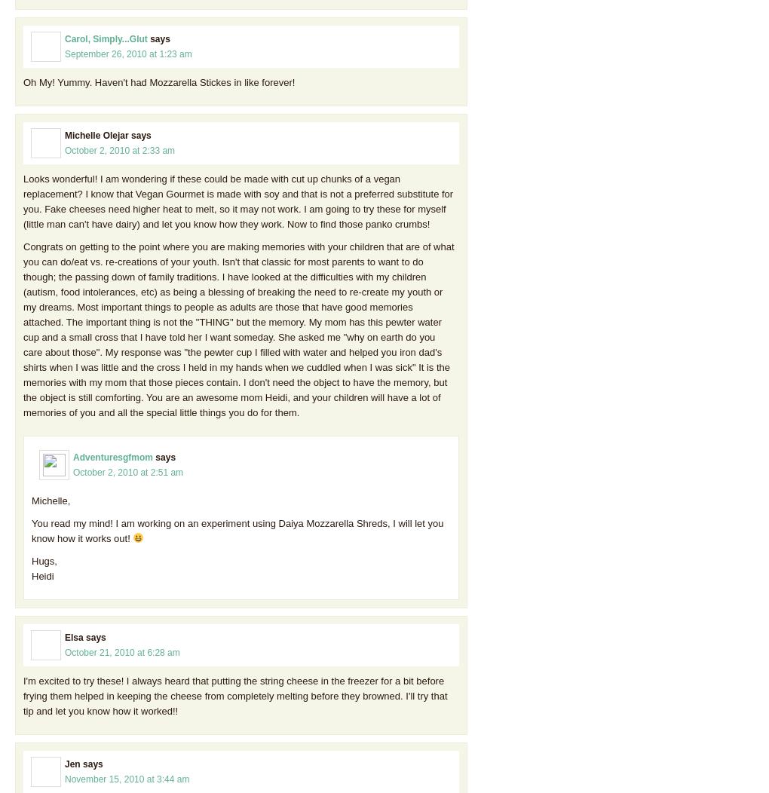 The width and height of the screenshot is (769, 793). I want to click on 'Looks wonderful!  I am wondering if these could be made with cut up chunks of a vegan replacement?  I know that Vegan Gourmet is made with soy and that is not a preferred substitute for you.  Fake cheeses need higher heat to melt, so it may not work. I am going to try these for myself (little man can't have dairy) and let you know how they work.  Now to find those panko crumbs!', so click(237, 201).